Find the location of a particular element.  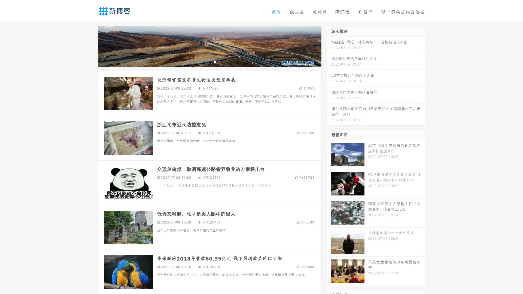

Go to slide 2 is located at coordinates (209, 61).